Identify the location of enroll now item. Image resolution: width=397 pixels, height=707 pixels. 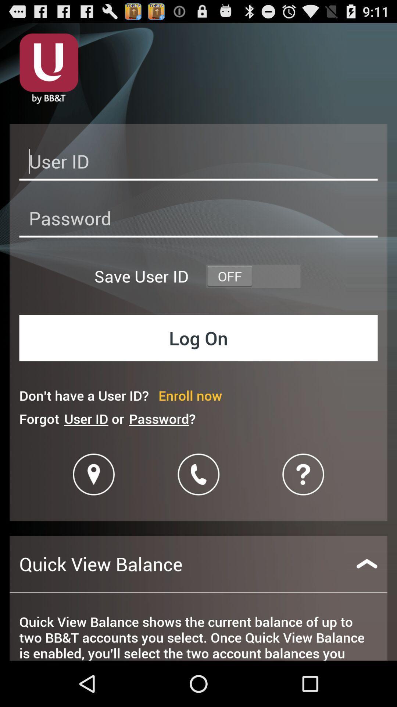
(190, 395).